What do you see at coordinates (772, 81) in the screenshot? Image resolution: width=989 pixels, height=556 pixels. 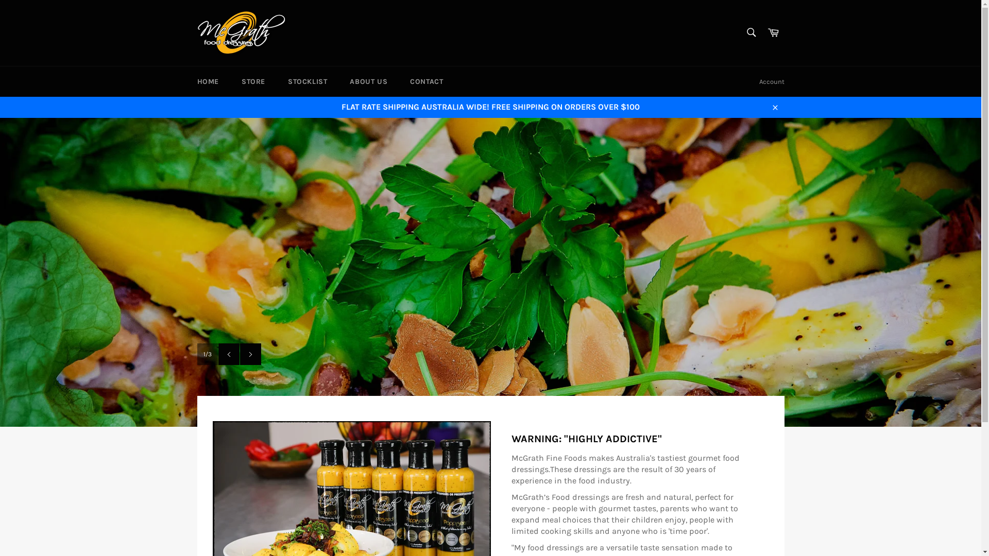 I see `'Account'` at bounding box center [772, 81].